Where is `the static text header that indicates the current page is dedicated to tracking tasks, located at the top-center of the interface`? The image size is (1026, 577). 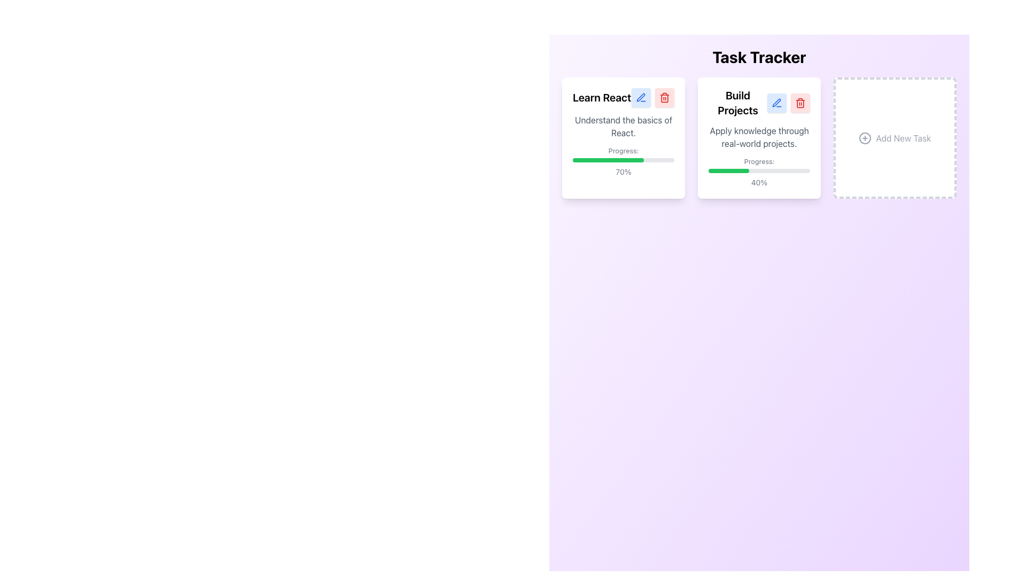 the static text header that indicates the current page is dedicated to tracking tasks, located at the top-center of the interface is located at coordinates (758, 57).